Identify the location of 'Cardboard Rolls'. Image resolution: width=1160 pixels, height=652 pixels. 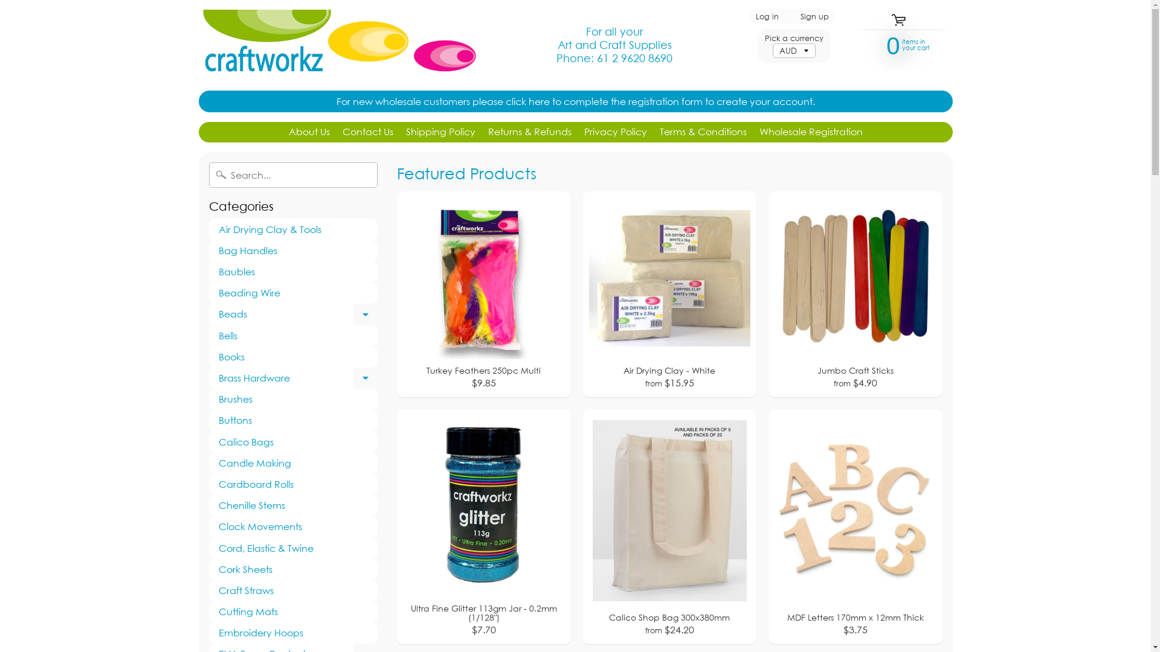
(293, 484).